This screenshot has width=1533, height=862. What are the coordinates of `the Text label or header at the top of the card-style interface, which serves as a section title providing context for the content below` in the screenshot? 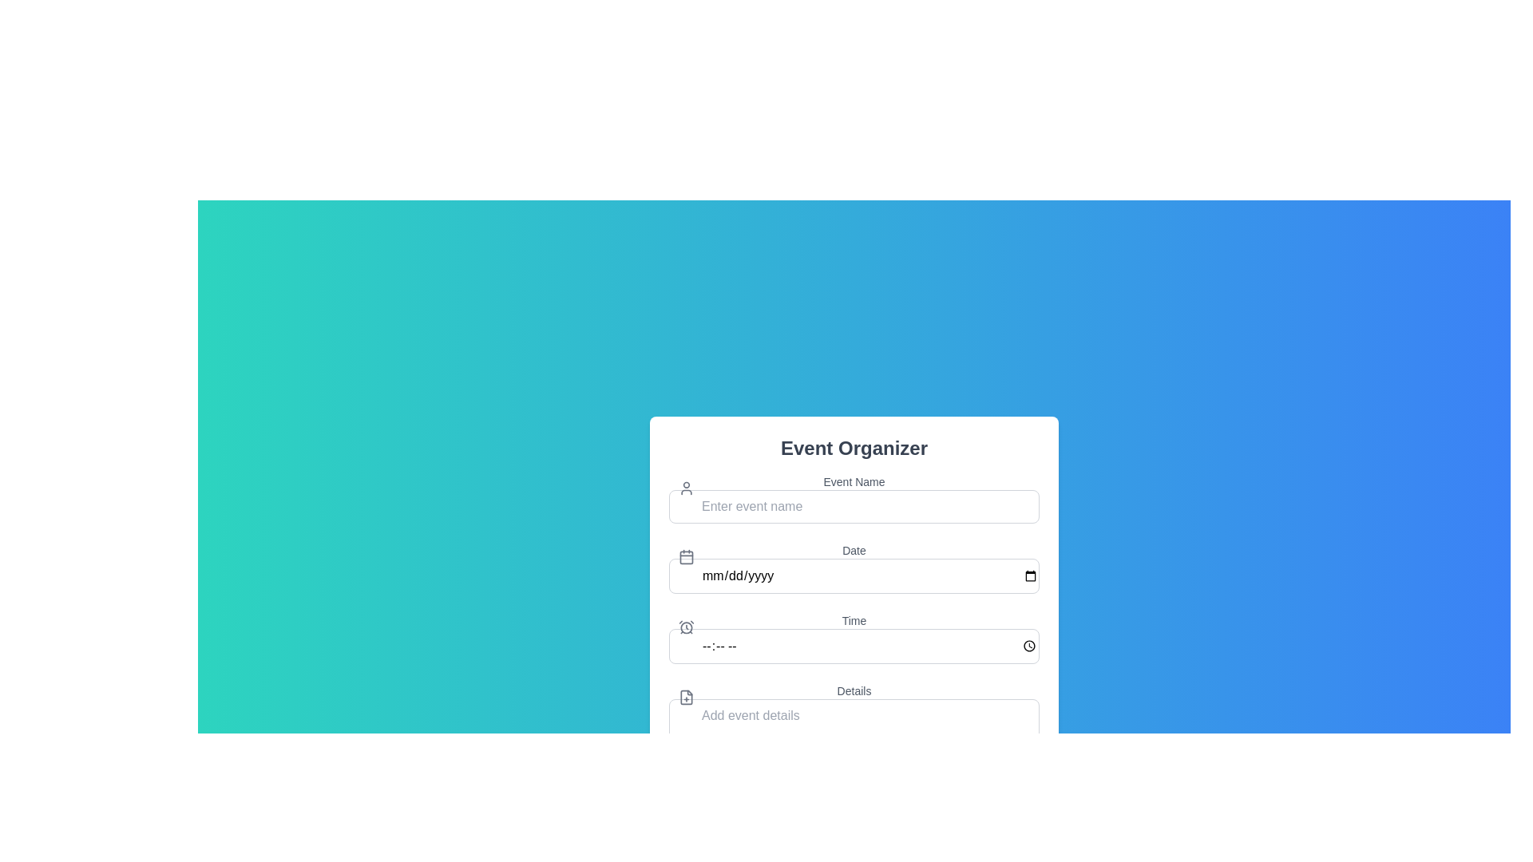 It's located at (854, 448).